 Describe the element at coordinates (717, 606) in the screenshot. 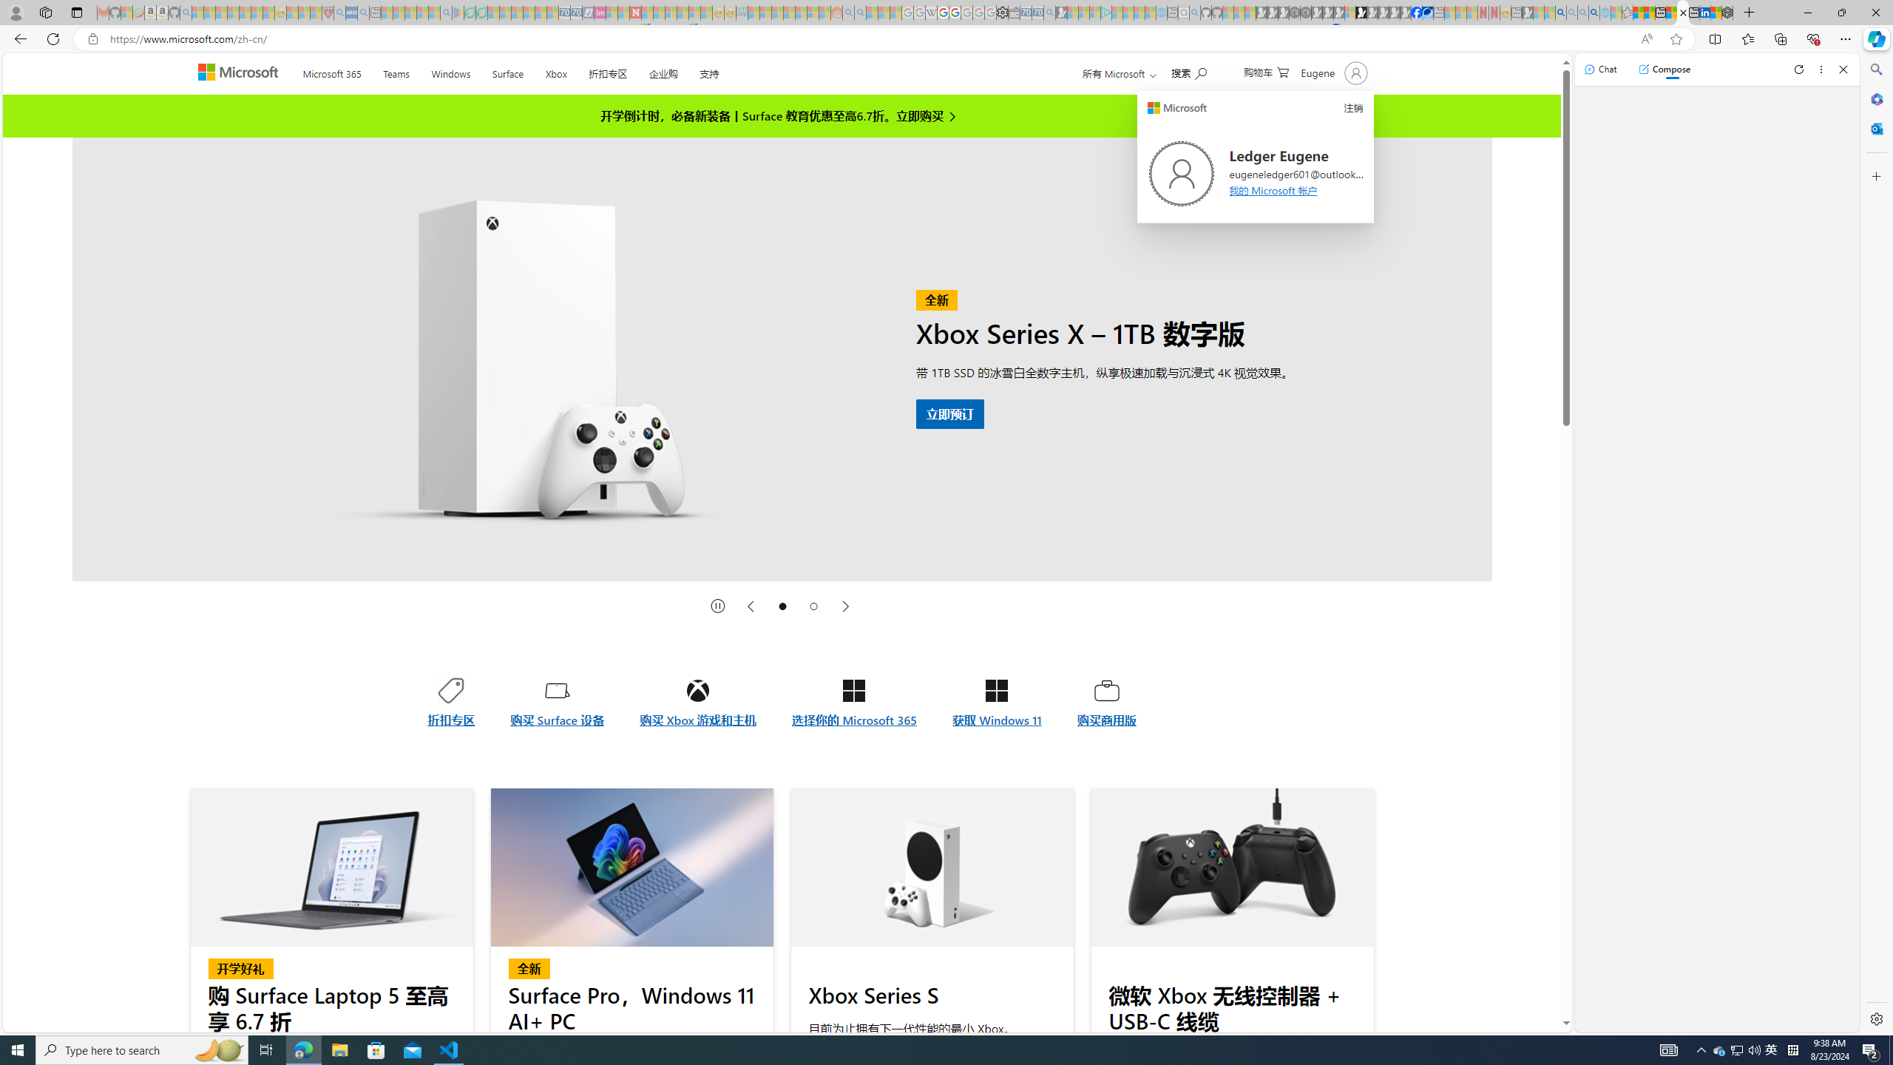

I see `'Pause'` at that location.